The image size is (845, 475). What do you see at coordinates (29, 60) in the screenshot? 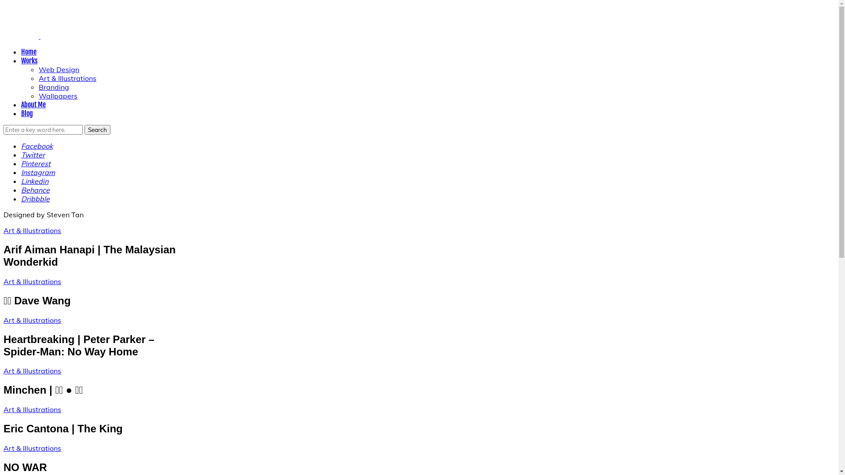
I see `'Works'` at bounding box center [29, 60].